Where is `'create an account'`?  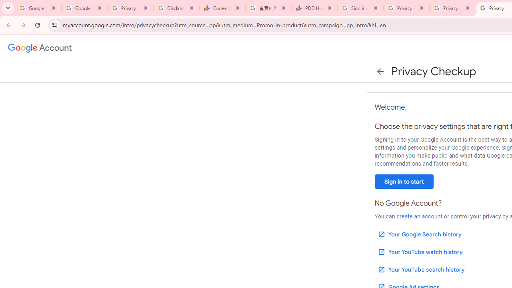
'create an account' is located at coordinates (419, 216).